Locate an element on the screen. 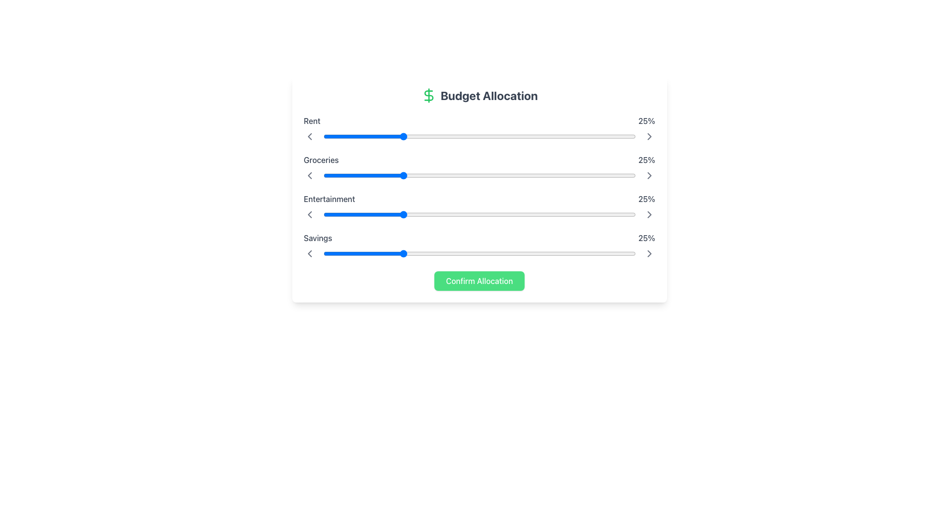 The height and width of the screenshot is (527, 937). the left-facing chevron button located below the 'Savings' label to trigger potential hover effects is located at coordinates (309, 253).